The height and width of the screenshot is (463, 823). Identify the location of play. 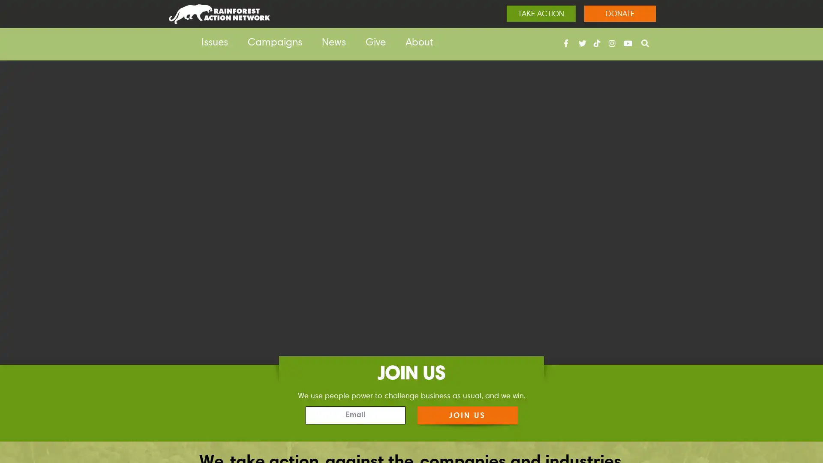
(21, 418).